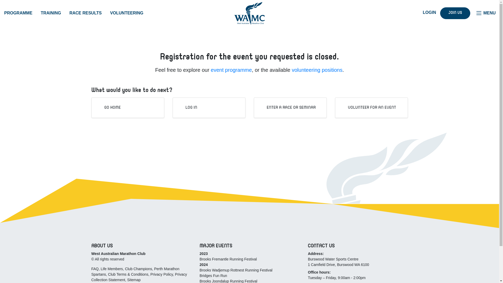  Describe the element at coordinates (199, 270) in the screenshot. I see `'Brooks Wadjemup Rottnest Running Festival'` at that location.